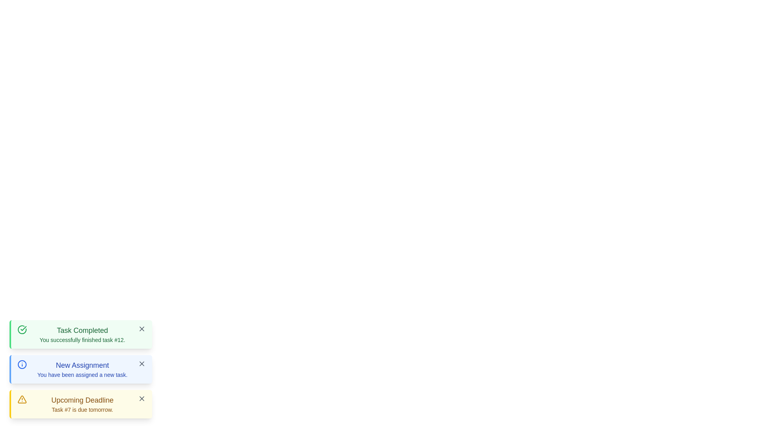 This screenshot has width=761, height=428. Describe the element at coordinates (82, 365) in the screenshot. I see `the 'New Assignment' text label, which is styled in bold and medium-sized font, located in the second notification box above the message 'You have been assigned a new task.'` at that location.